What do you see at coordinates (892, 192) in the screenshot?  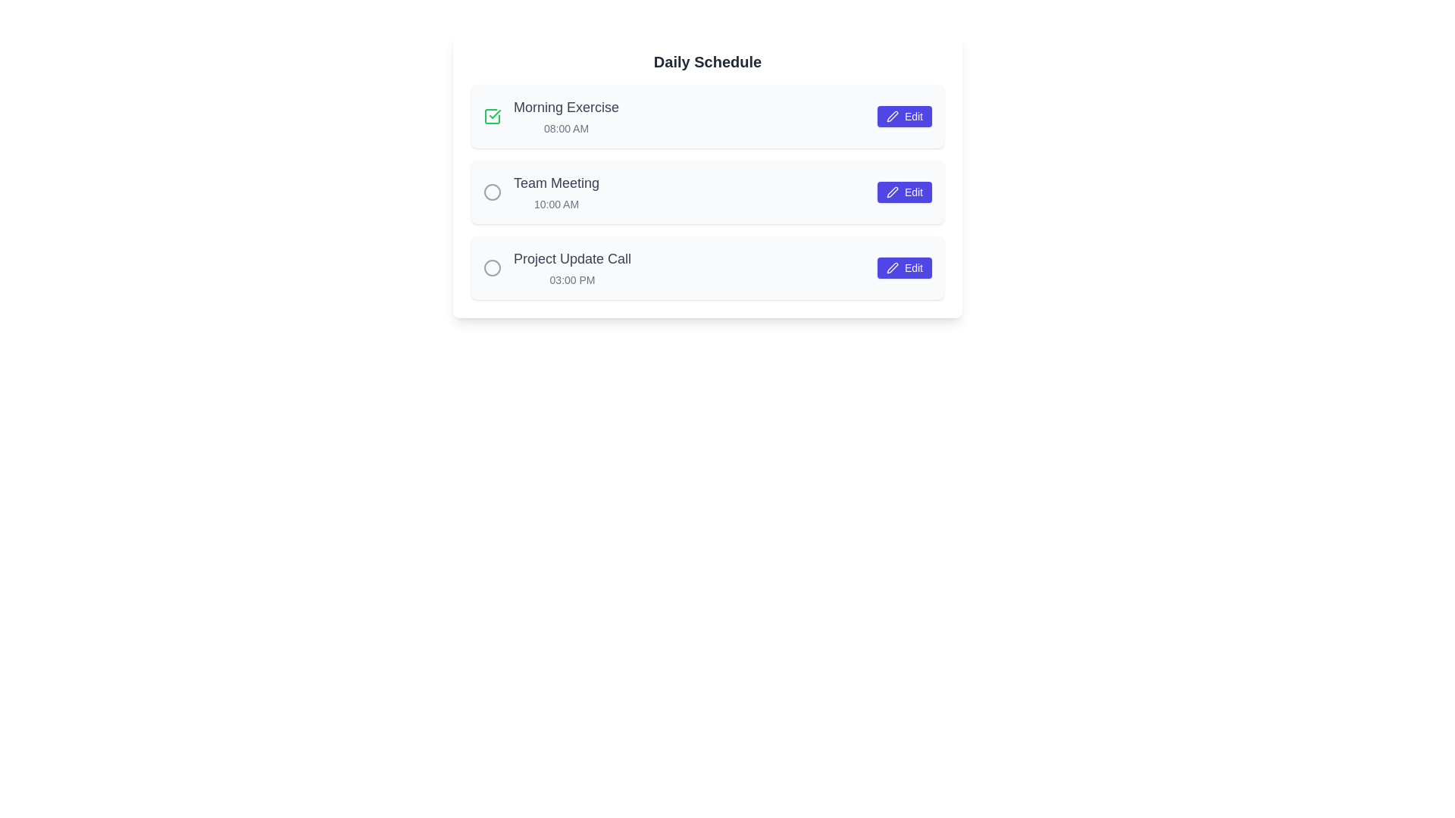 I see `the pen-shaped icon inside the 'Edit' button of the 'Team Meeting' entry in the 'Daily Schedule' list for visual feedback` at bounding box center [892, 192].